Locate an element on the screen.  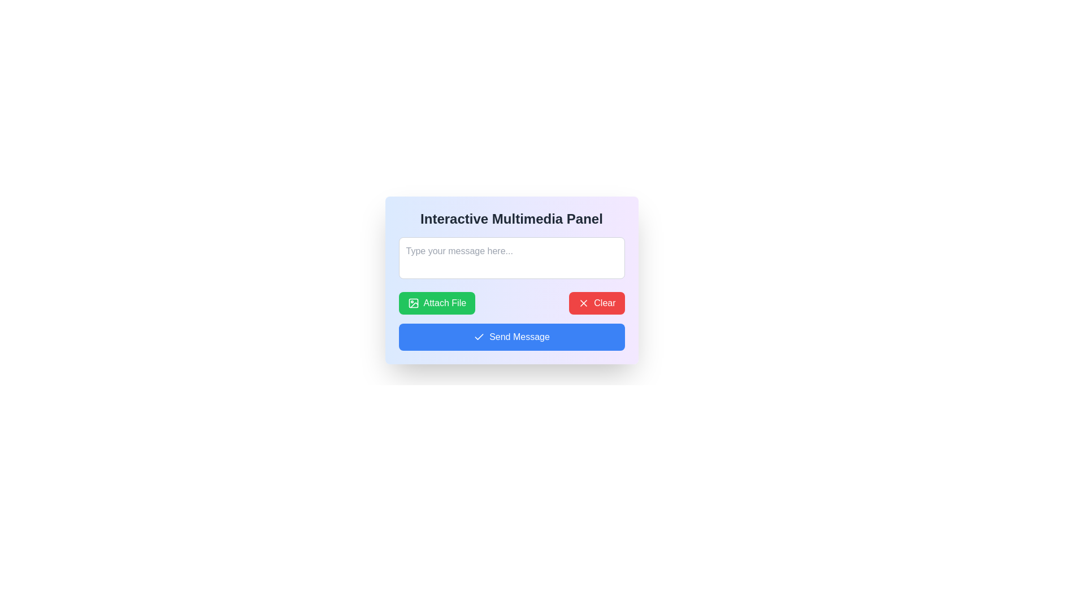
the 'Send Message' button that contains the blue checkmark icon, located to the left of the text label 'Send Message' is located at coordinates (479, 337).